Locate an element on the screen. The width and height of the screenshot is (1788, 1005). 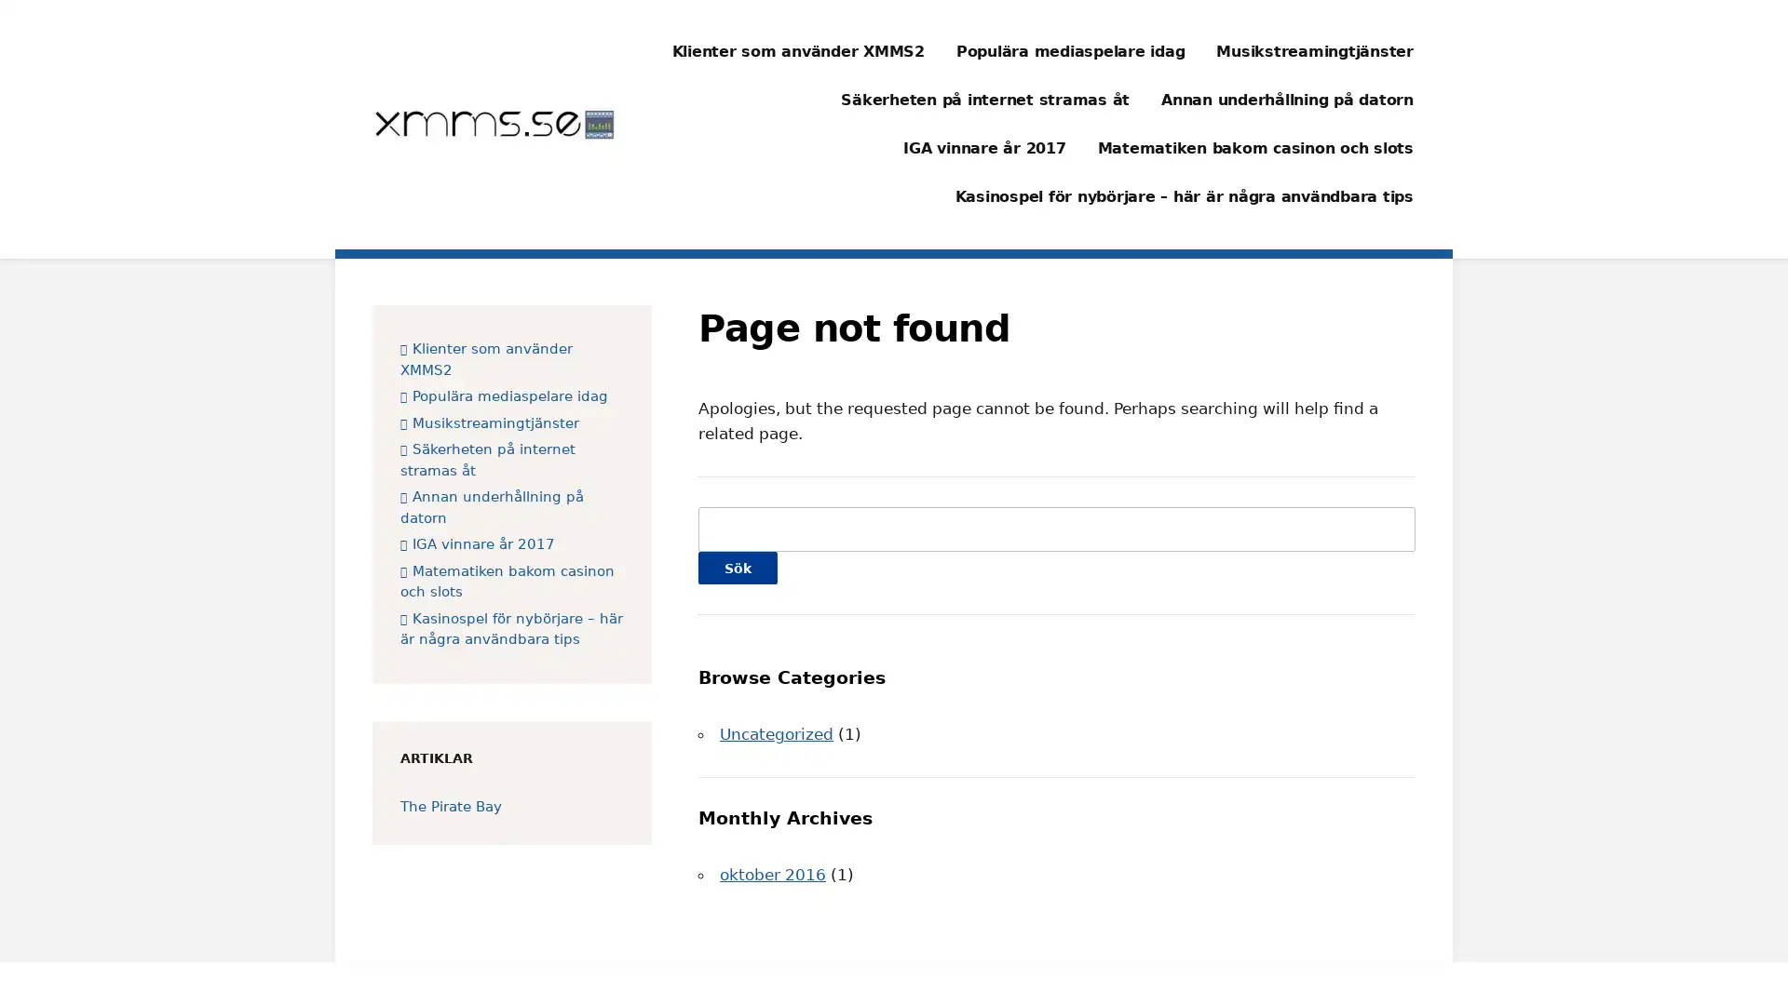
Sok is located at coordinates (737, 567).